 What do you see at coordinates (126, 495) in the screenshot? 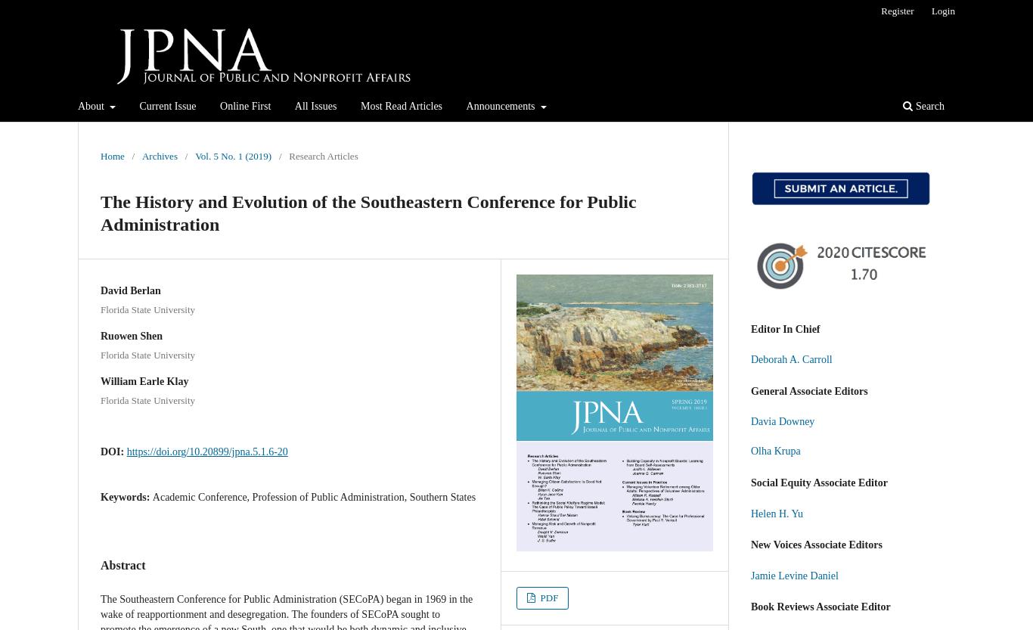
I see `'Keywords:'` at bounding box center [126, 495].